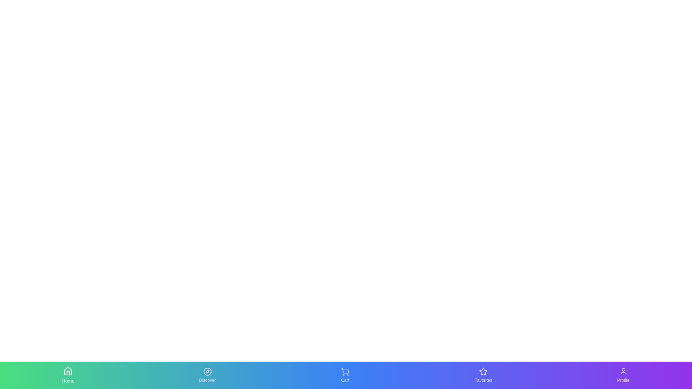 This screenshot has width=692, height=389. What do you see at coordinates (483, 375) in the screenshot?
I see `the Favorites tab to see the hover effect` at bounding box center [483, 375].